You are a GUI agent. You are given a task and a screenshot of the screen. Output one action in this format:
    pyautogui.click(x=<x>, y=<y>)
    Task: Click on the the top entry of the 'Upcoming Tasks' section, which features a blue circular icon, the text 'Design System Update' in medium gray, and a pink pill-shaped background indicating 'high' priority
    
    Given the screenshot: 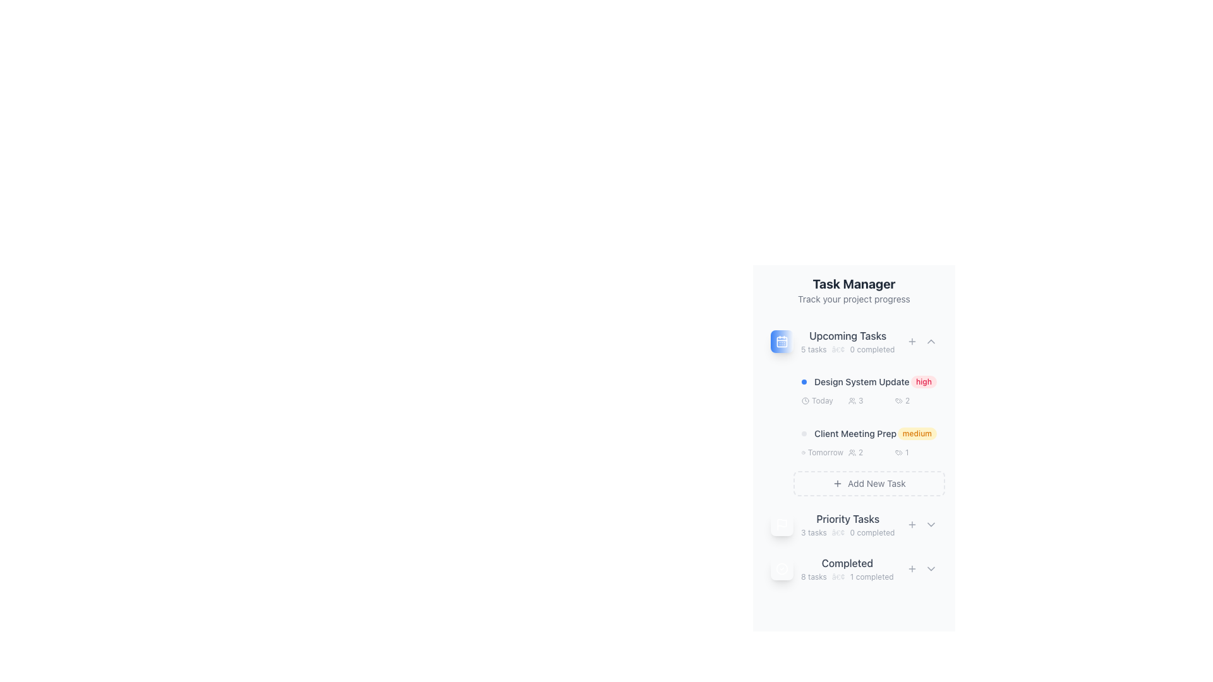 What is the action you would take?
    pyautogui.click(x=869, y=381)
    